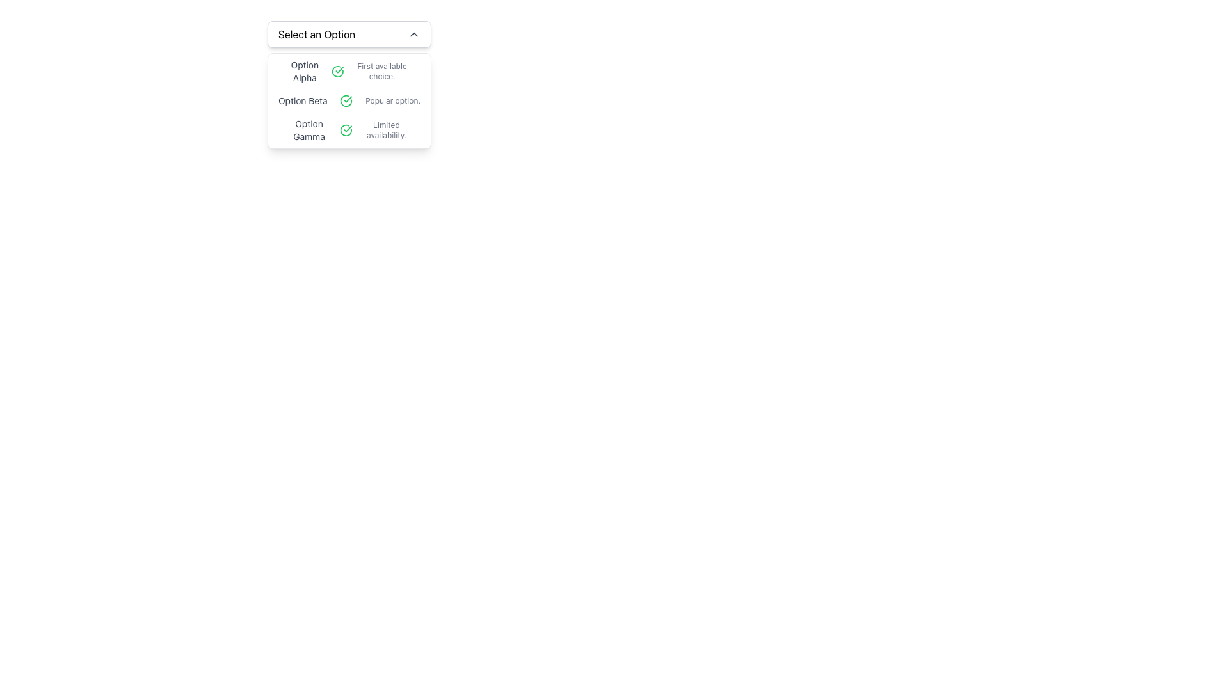 Image resolution: width=1229 pixels, height=691 pixels. Describe the element at coordinates (304, 71) in the screenshot. I see `the first selectable option label in the dropdown menu, which is located at the top left of the list` at that location.